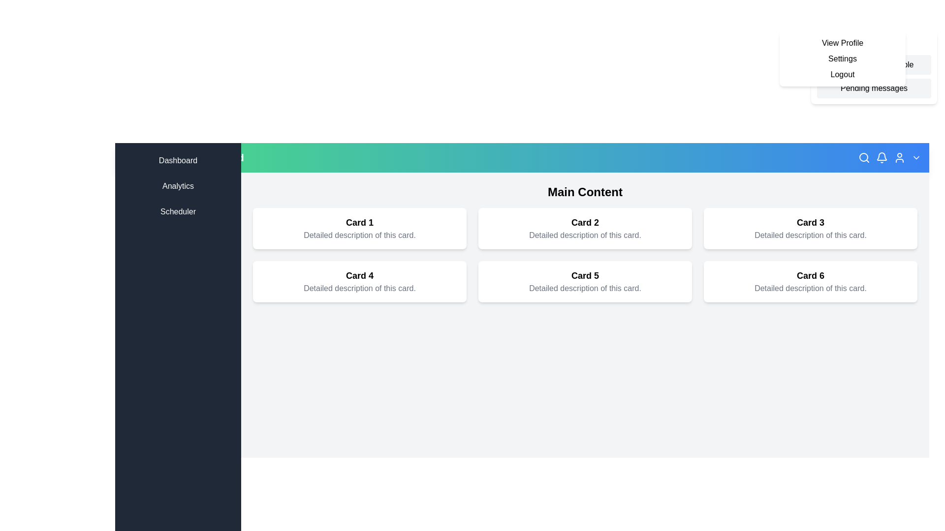  I want to click on the text label that reads 'Detailed description of this card.' which is located within the fourth card titled 'Card 4', so click(359, 288).